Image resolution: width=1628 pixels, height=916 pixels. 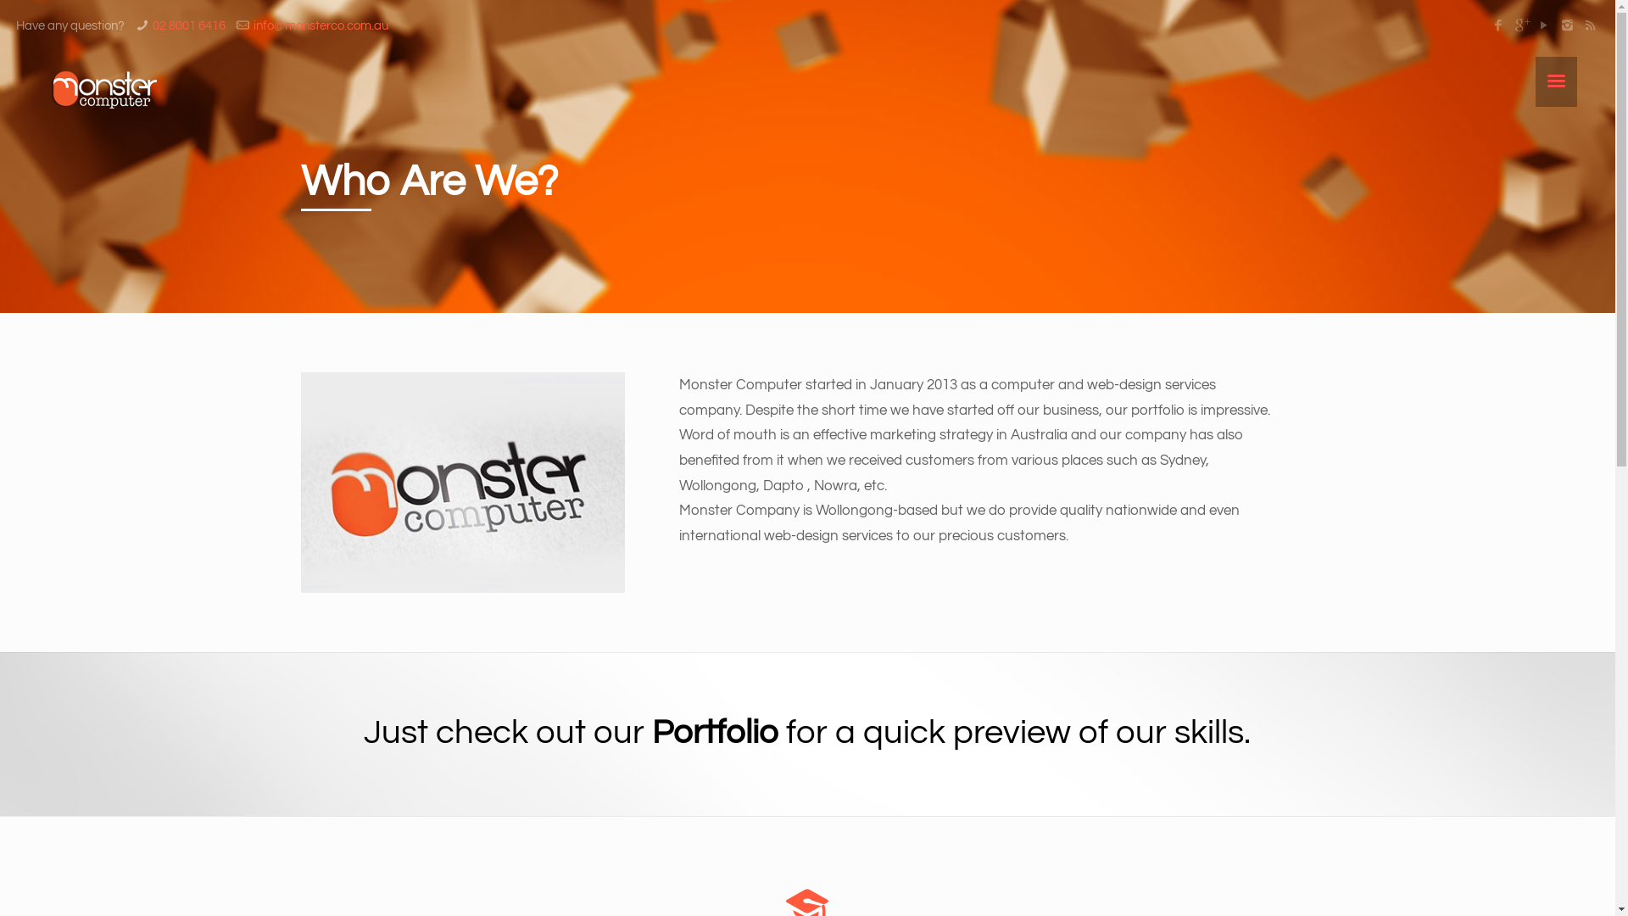 I want to click on 'Google+', so click(x=1521, y=25).